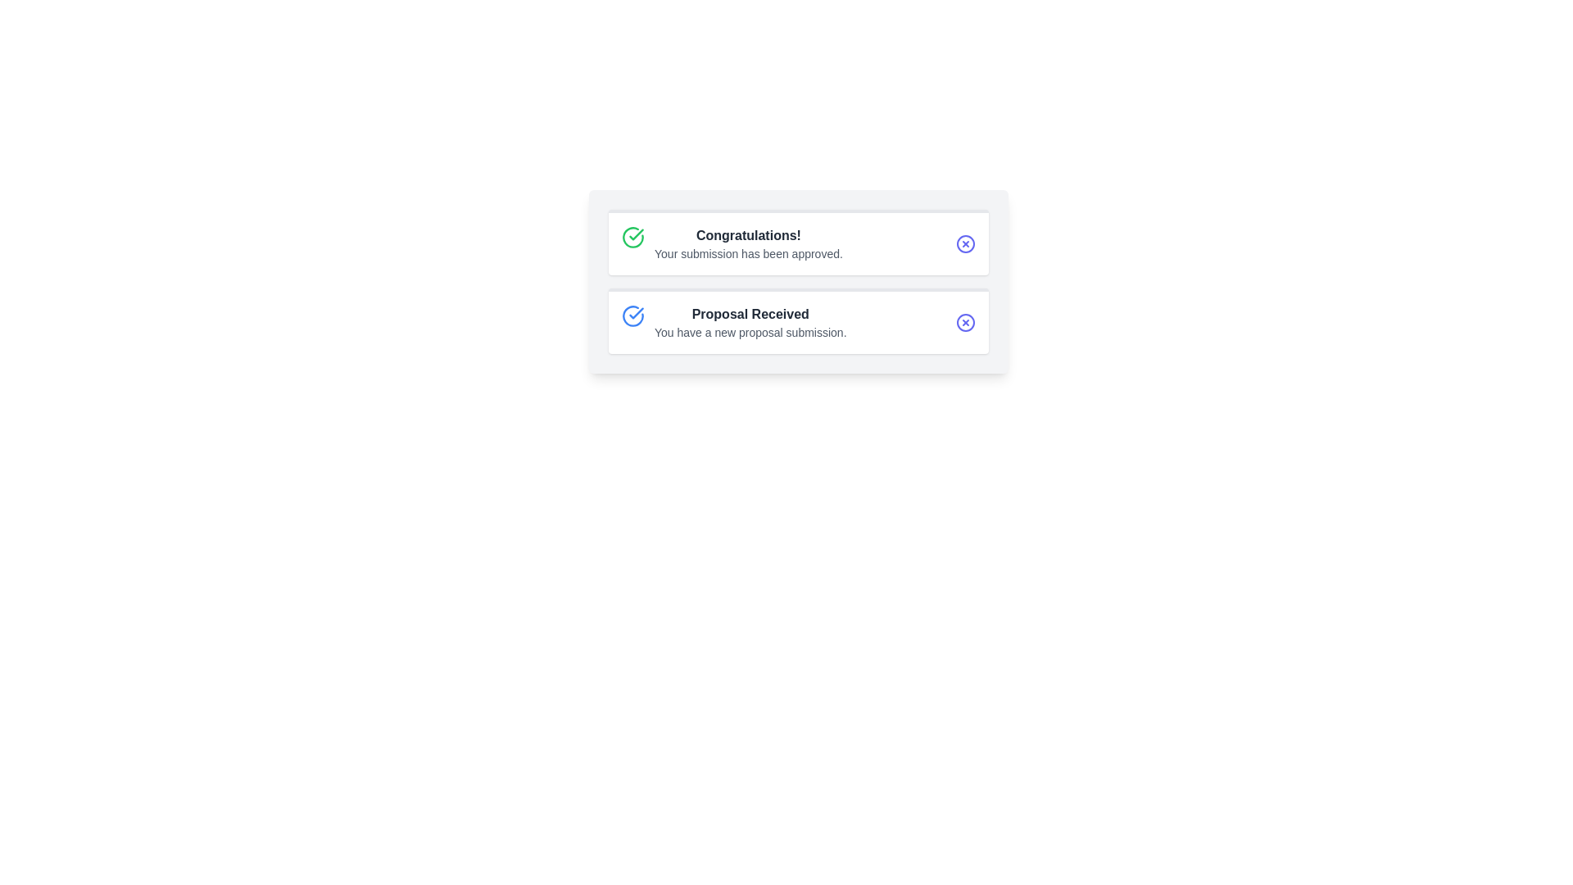 The height and width of the screenshot is (885, 1573). I want to click on the circular dismiss button with a cross symbol in the 'Proposal Received' notification card, so click(966, 322).